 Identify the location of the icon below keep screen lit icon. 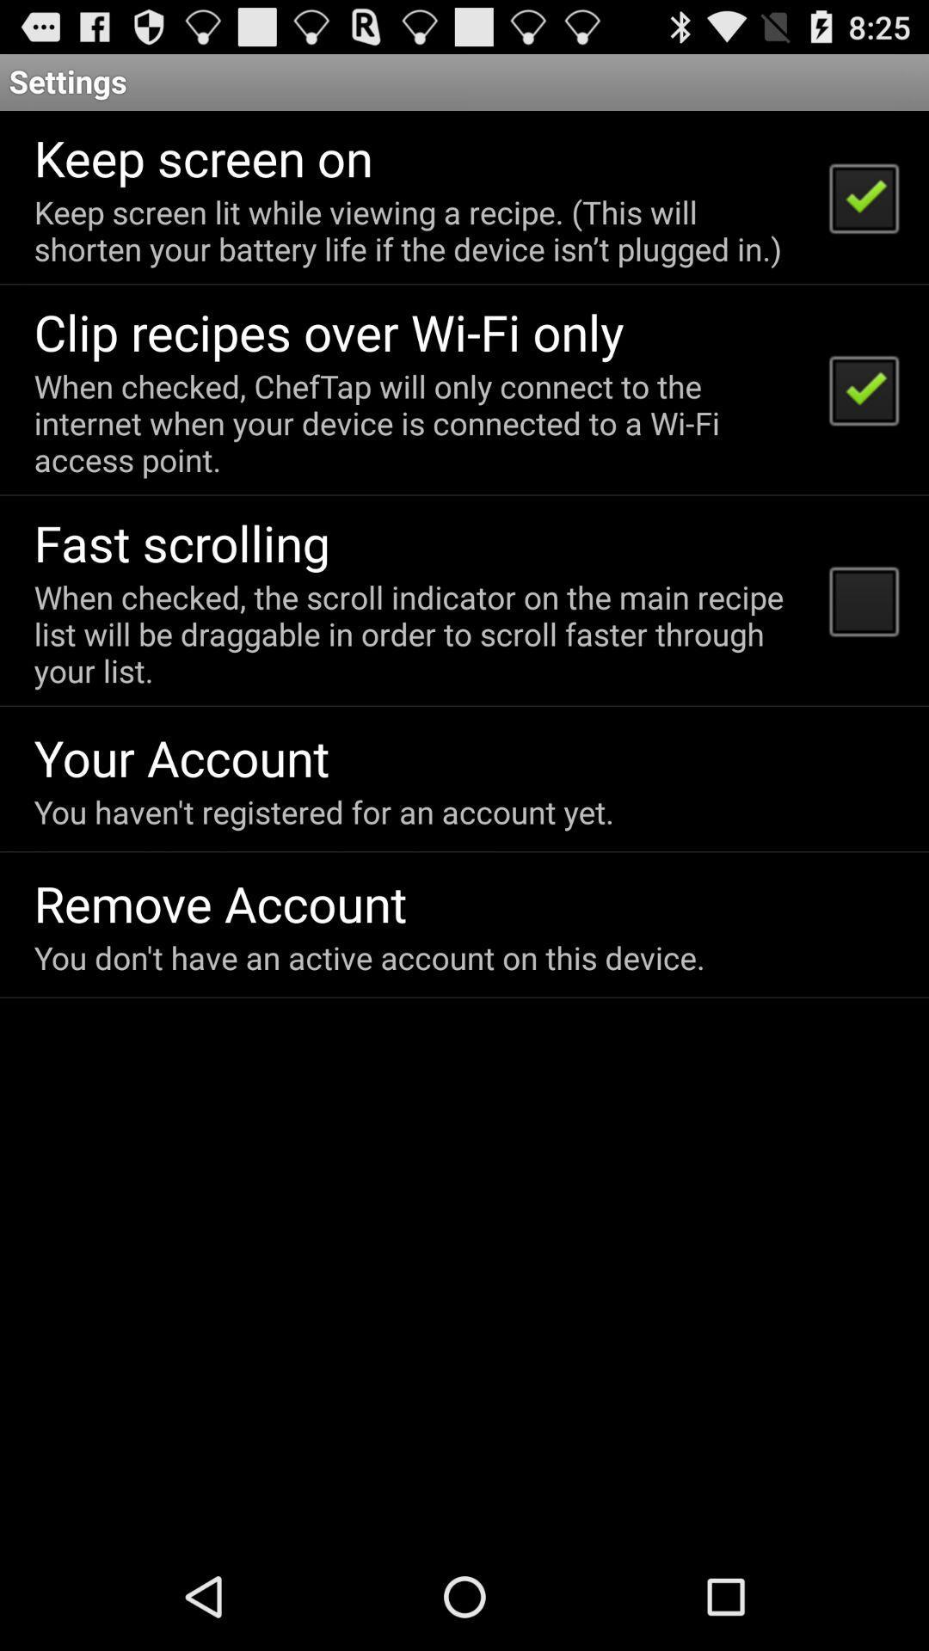
(329, 331).